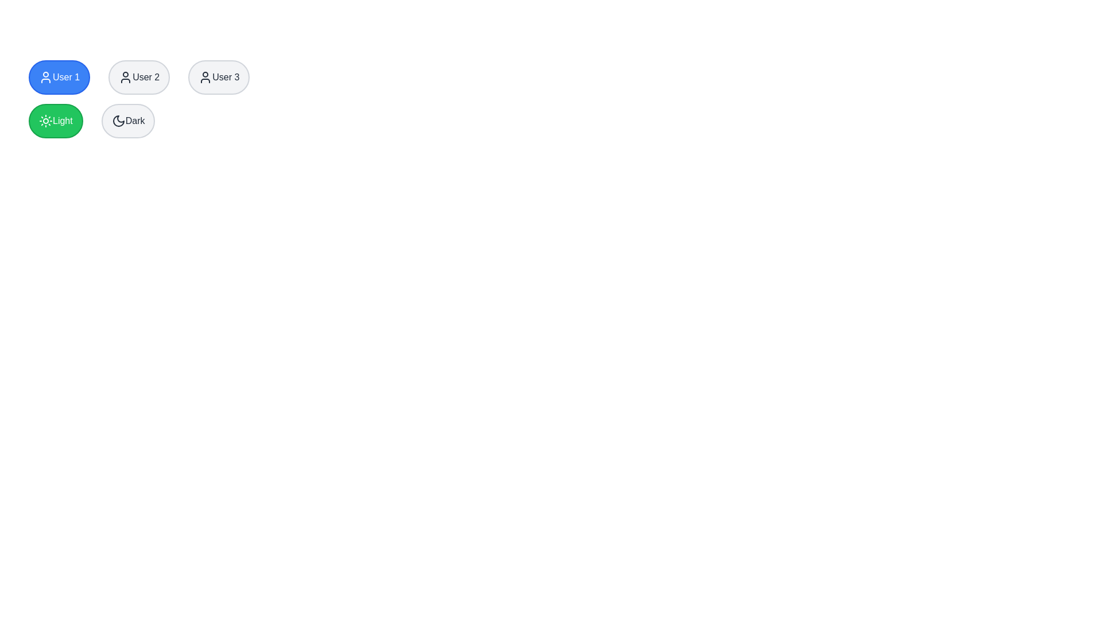 This screenshot has height=620, width=1102. I want to click on the 'User 2' button, which is a rounded rectangle with a light gray background and a black border, so click(138, 77).